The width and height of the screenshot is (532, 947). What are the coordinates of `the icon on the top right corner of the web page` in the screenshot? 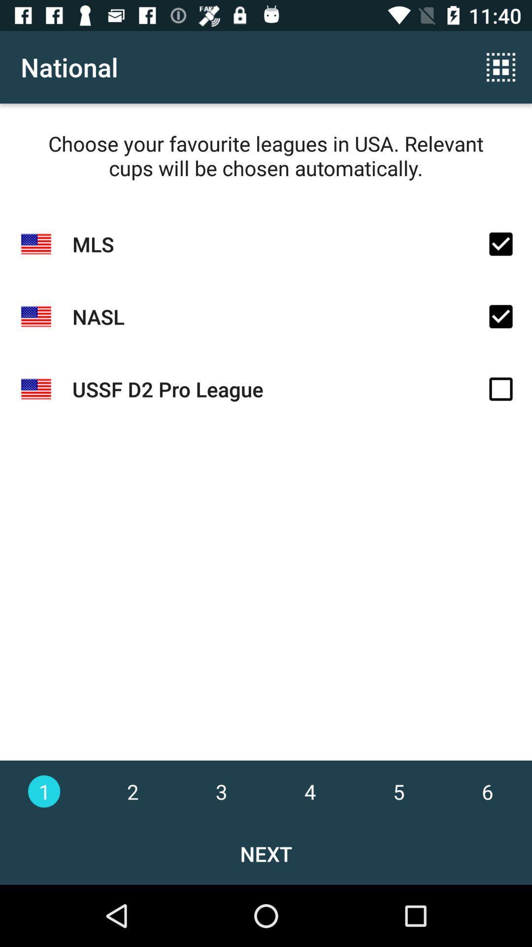 It's located at (501, 67).